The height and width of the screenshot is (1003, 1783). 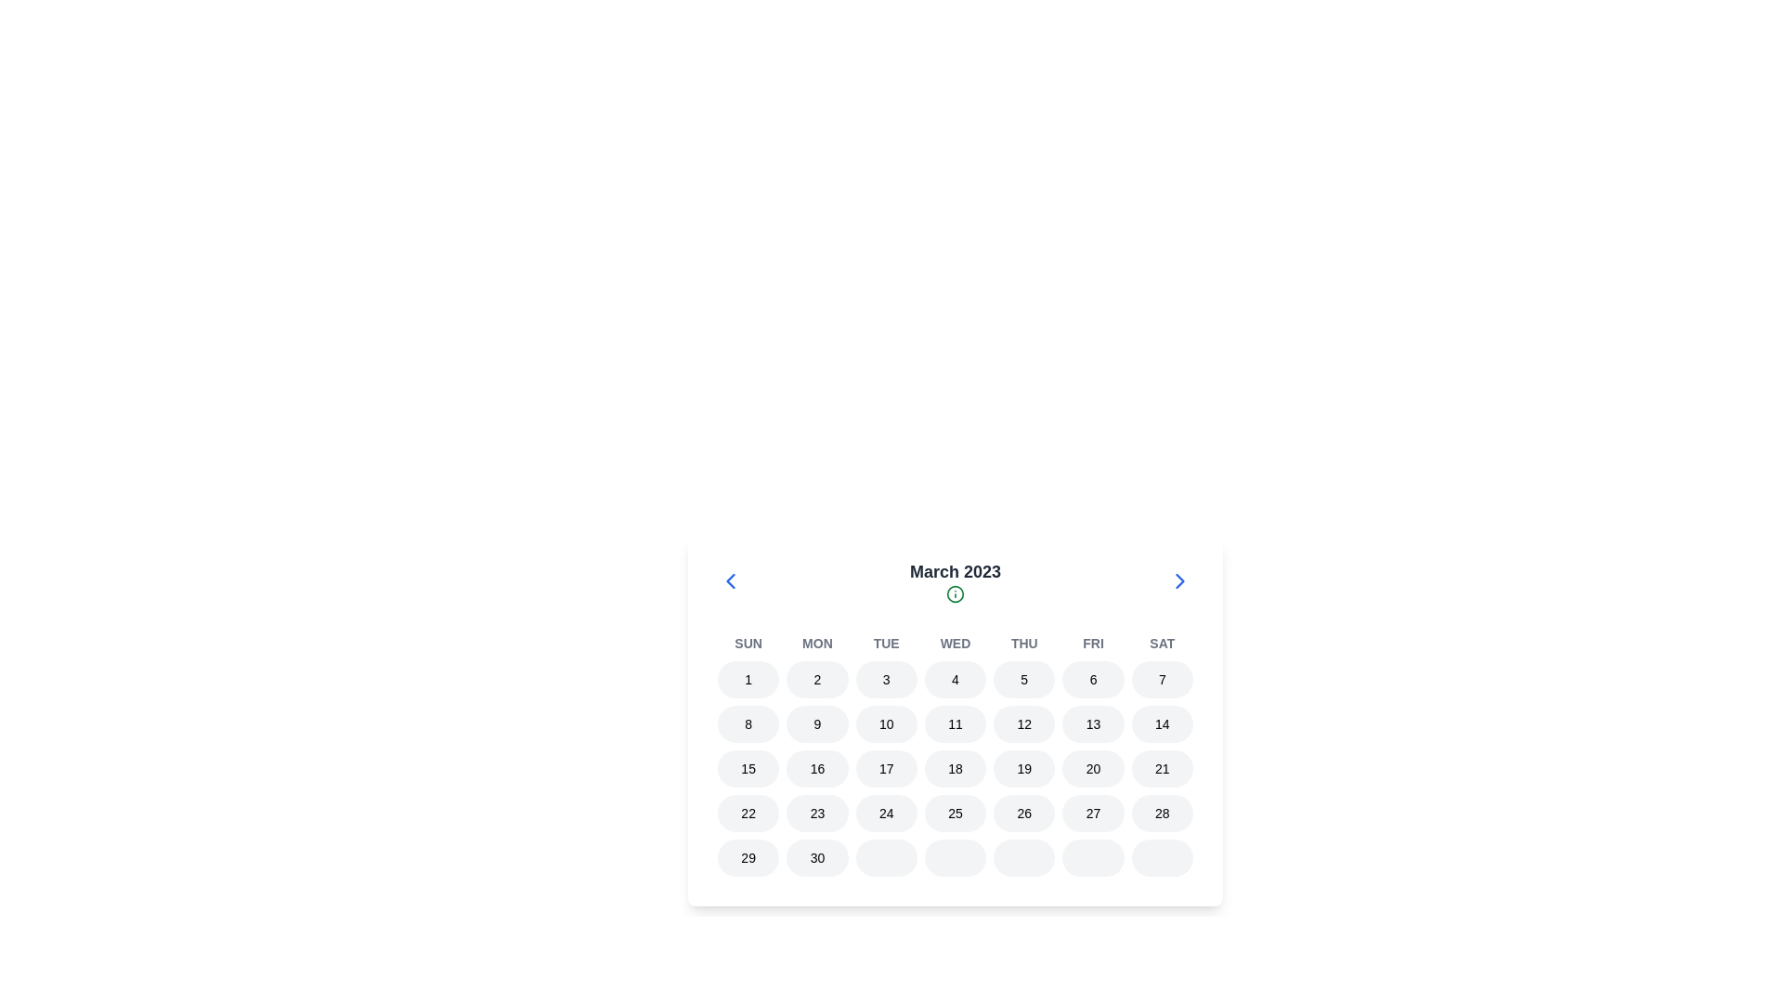 I want to click on the date cell in the Calendar Grid for March 2023, so click(x=955, y=755).